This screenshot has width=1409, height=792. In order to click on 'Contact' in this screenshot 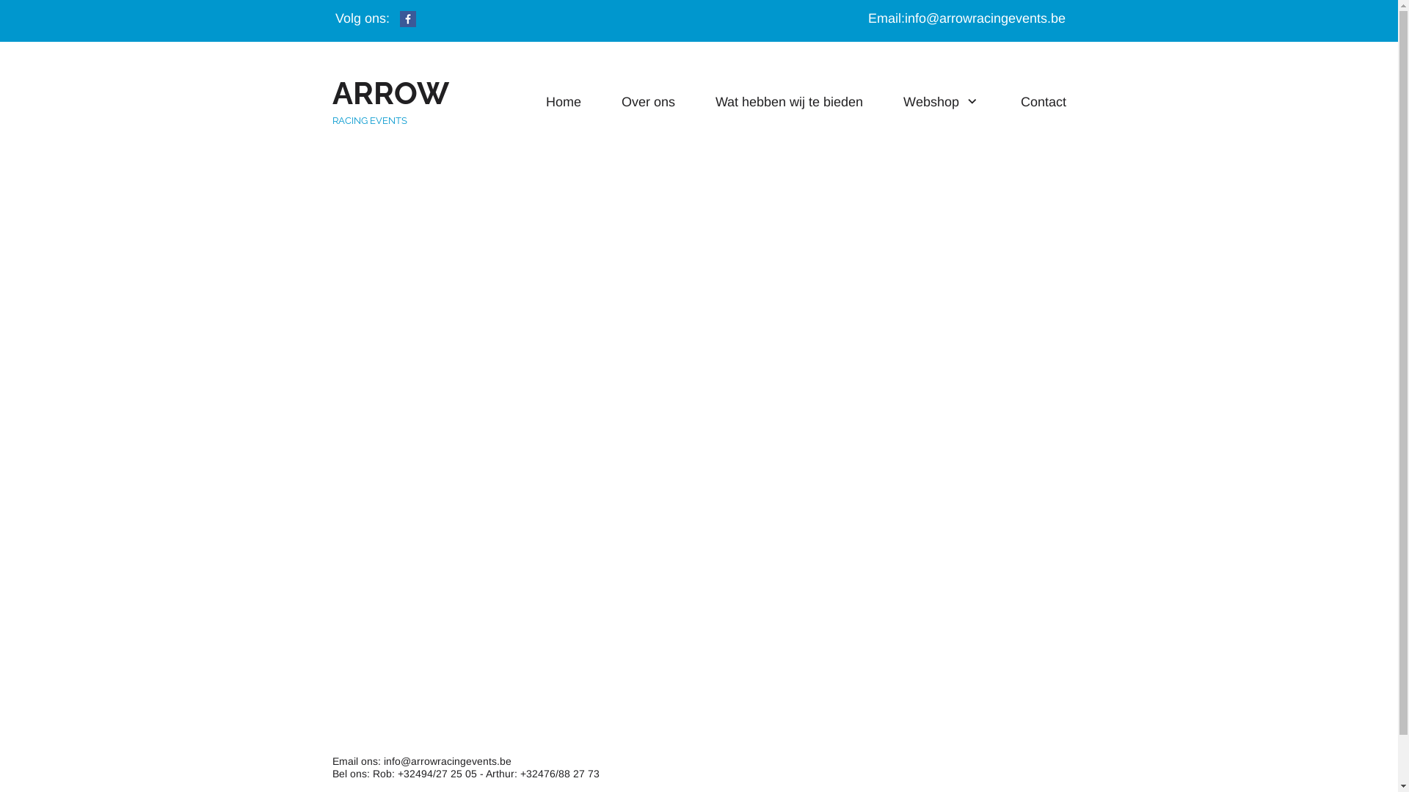, I will do `click(1041, 100)`.